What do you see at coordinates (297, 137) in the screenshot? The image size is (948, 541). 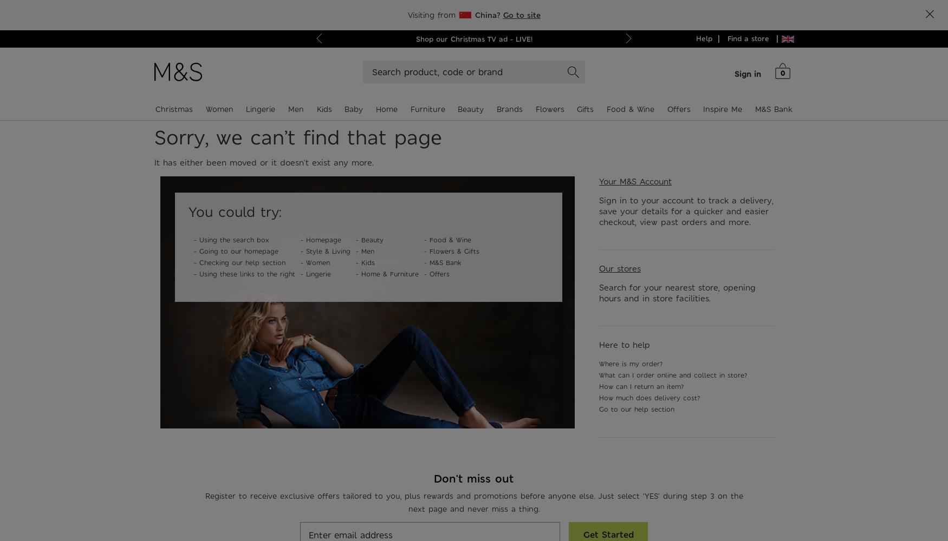 I see `'Sorry, we can’t find that page'` at bounding box center [297, 137].